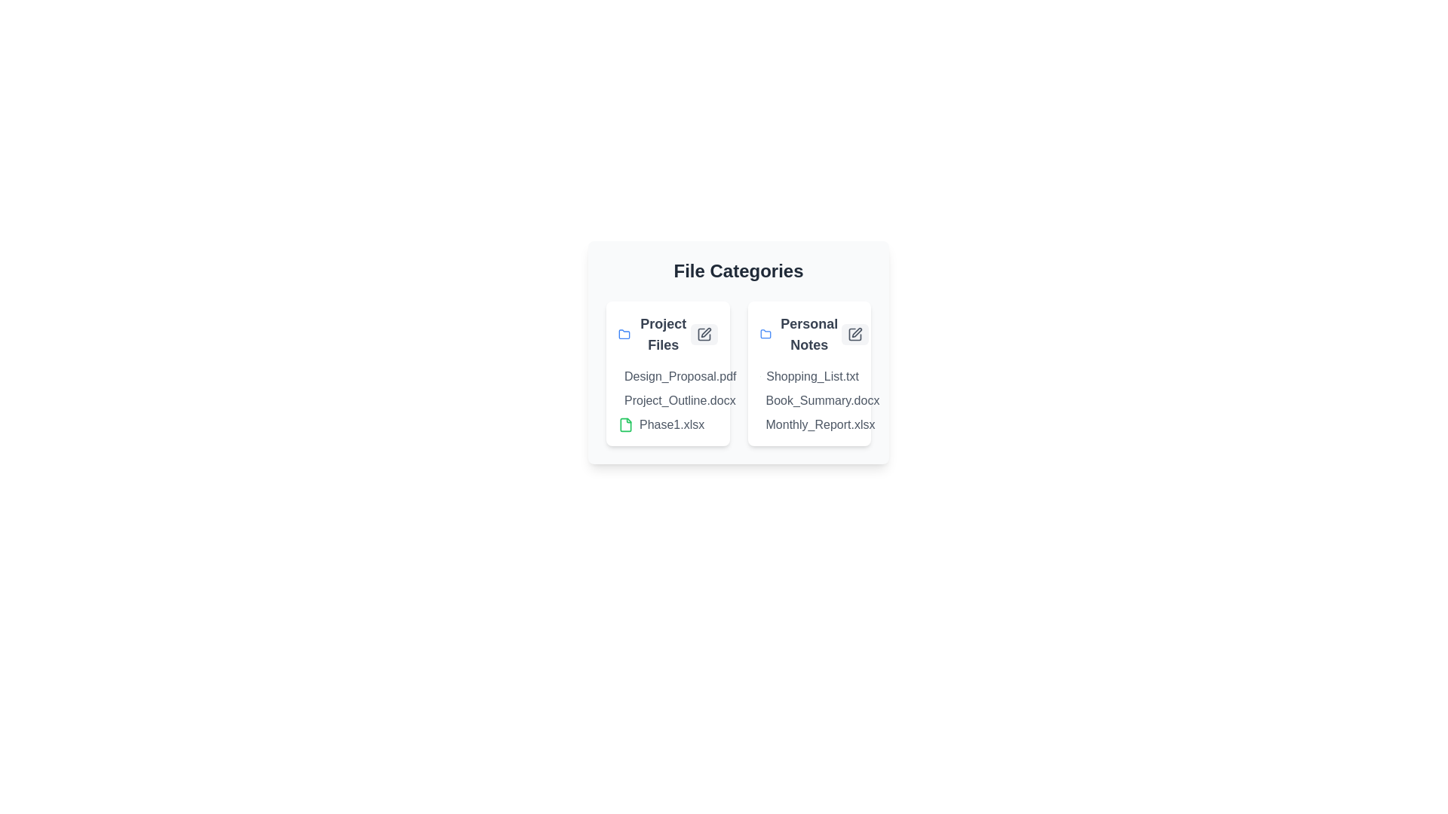  What do you see at coordinates (766, 376) in the screenshot?
I see `the document Shopping_List.txt` at bounding box center [766, 376].